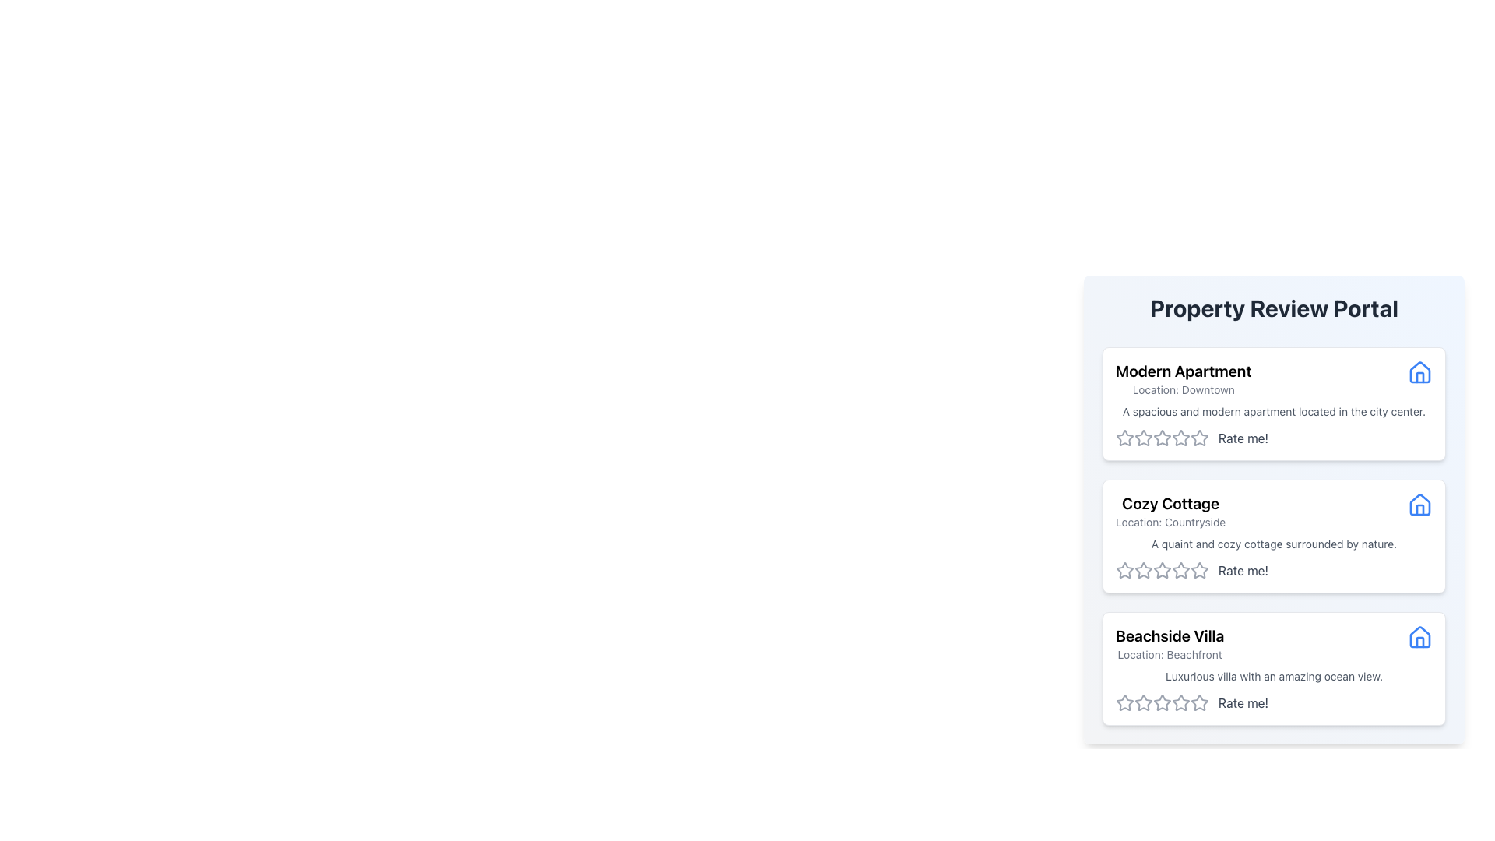 The height and width of the screenshot is (841, 1495). I want to click on the 'Rate me!' text label styled in gray font, located to the right of the stars in the 'Modern Apartment' property description card, so click(1243, 438).